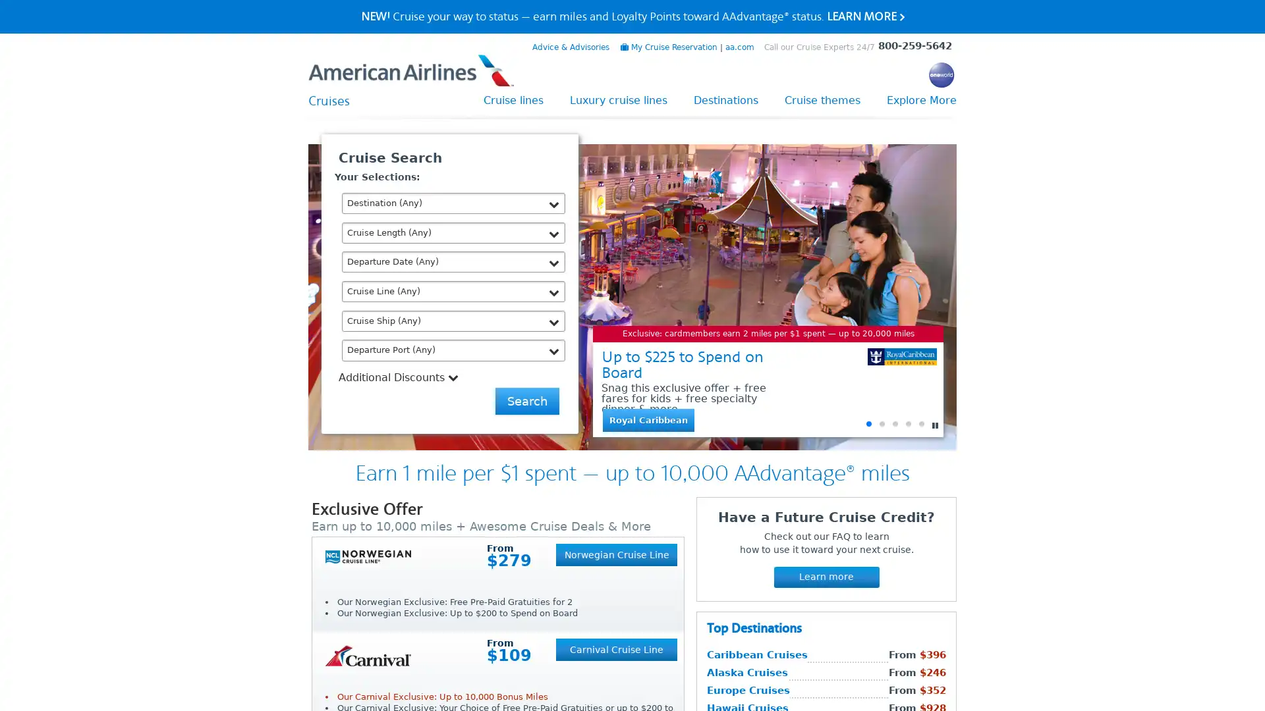 Image resolution: width=1265 pixels, height=711 pixels. I want to click on Pause, so click(934, 425).